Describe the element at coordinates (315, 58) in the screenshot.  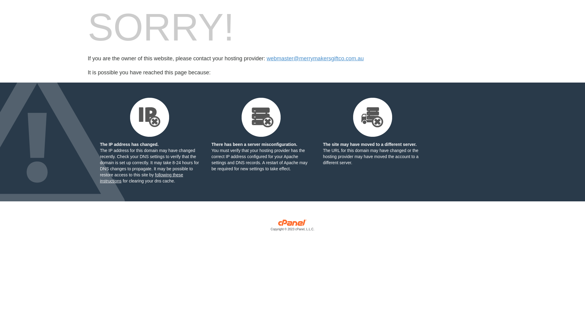
I see `'webmaster@merrymakersgiftco.com.au'` at that location.